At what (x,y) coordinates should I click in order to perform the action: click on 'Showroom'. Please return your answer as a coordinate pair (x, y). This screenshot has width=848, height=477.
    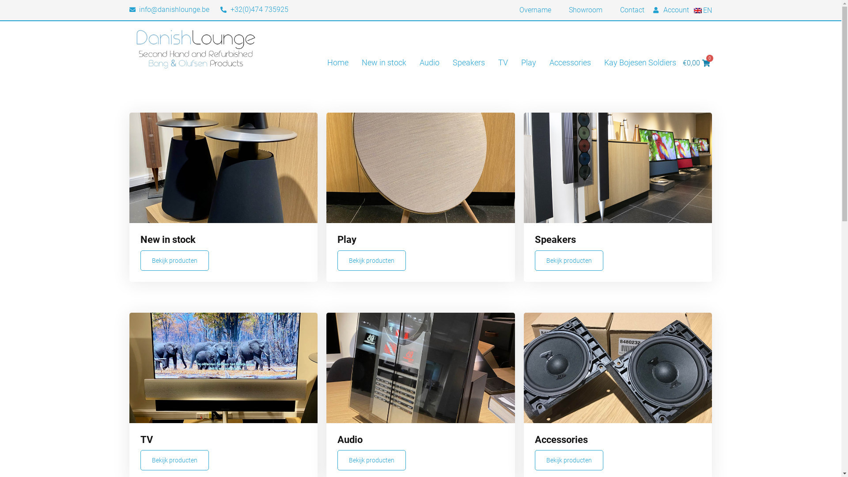
    Looking at the image, I should click on (585, 10).